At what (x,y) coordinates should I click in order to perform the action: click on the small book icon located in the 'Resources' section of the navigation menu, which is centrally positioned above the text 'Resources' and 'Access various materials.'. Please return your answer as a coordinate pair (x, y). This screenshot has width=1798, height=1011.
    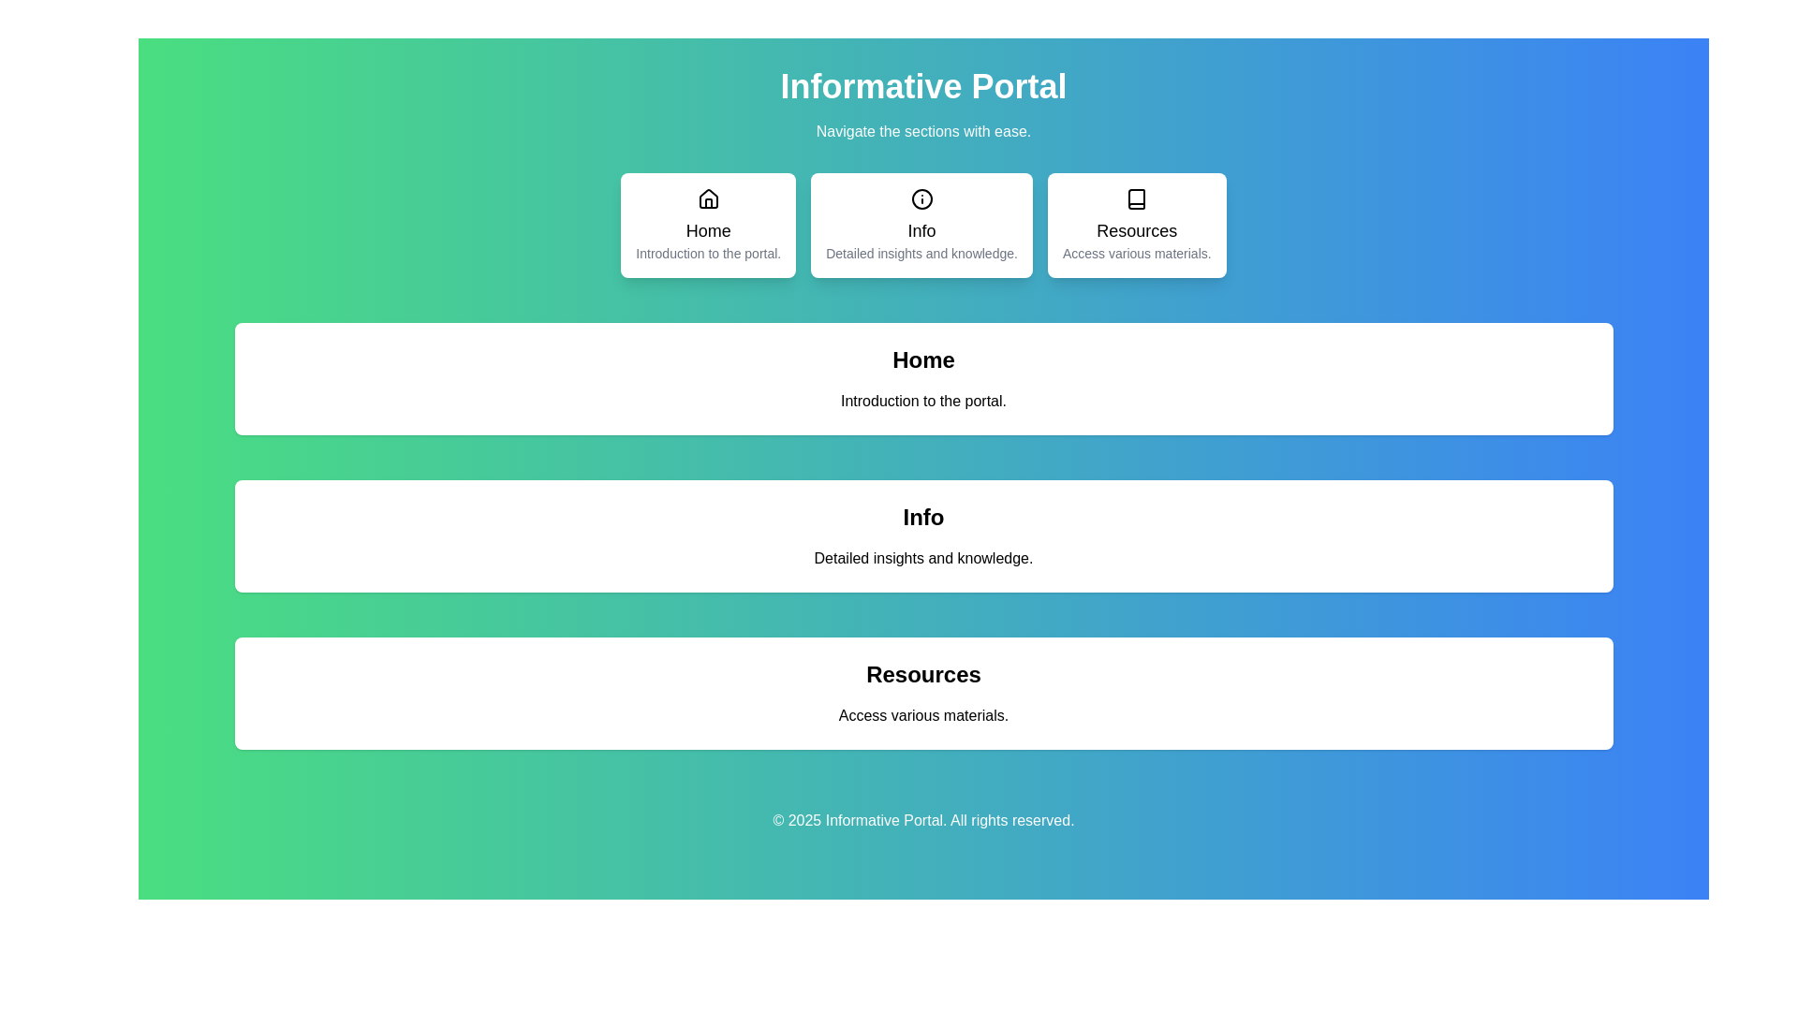
    Looking at the image, I should click on (1136, 198).